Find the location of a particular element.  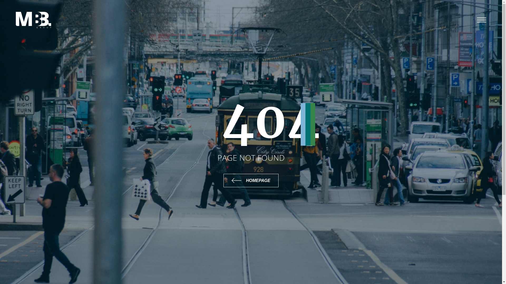

'HOMEPAGE' is located at coordinates (250, 180).